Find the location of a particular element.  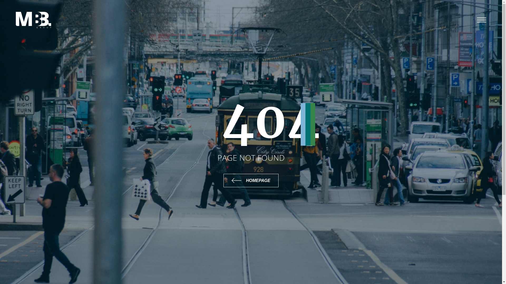

'HOMEPAGE' is located at coordinates (250, 180).